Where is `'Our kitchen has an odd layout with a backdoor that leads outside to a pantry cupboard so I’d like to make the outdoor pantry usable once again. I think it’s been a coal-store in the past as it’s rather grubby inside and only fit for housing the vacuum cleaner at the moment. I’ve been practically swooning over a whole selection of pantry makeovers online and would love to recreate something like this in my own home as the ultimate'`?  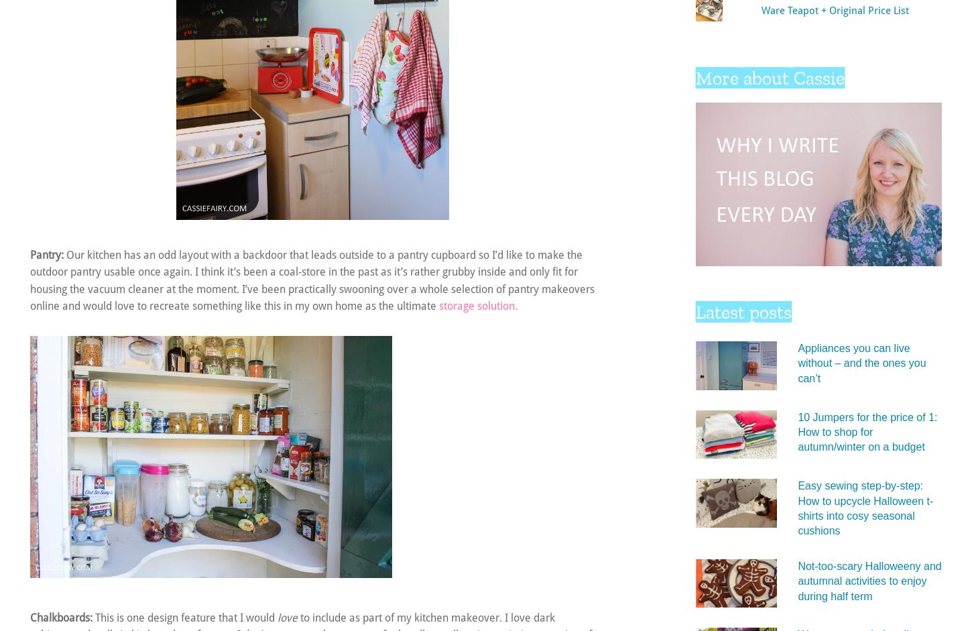
'Our kitchen has an odd layout with a backdoor that leads outside to a pantry cupboard so I’d like to make the outdoor pantry usable once again. I think it’s been a coal-store in the past as it’s rather grubby inside and only fit for housing the vacuum cleaner at the moment. I’ve been practically swooning over a whole selection of pantry makeovers online and would love to recreate something like this in my own home as the ultimate' is located at coordinates (29, 279).